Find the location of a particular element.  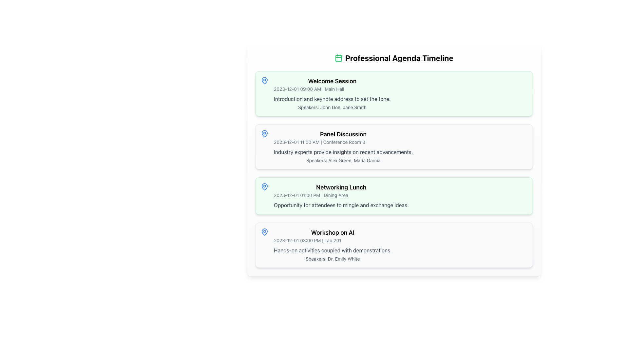

the Text Label that provides additional information about the event's schedule and location, located in the center of the fourth event card, directly below the 'Workshop on AI' title is located at coordinates (333, 240).